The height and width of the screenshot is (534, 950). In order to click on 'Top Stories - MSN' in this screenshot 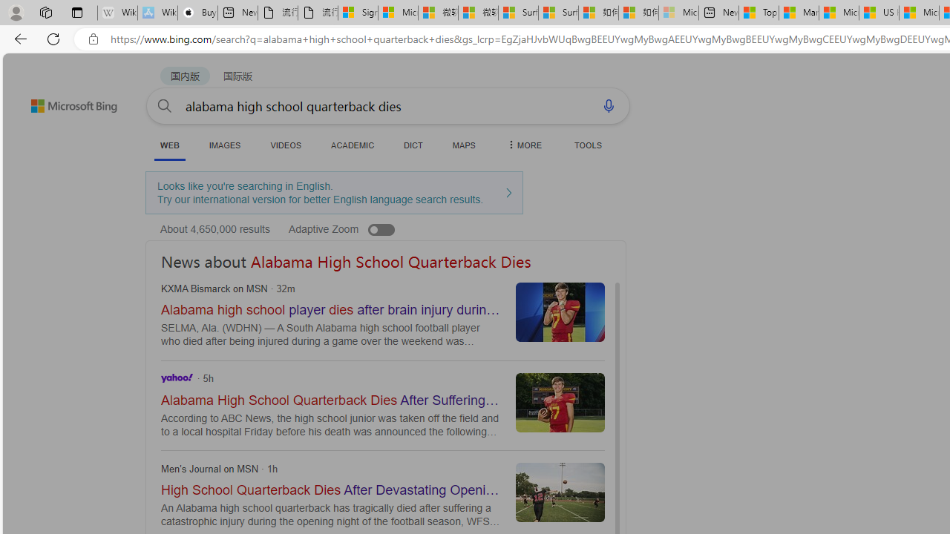, I will do `click(759, 13)`.